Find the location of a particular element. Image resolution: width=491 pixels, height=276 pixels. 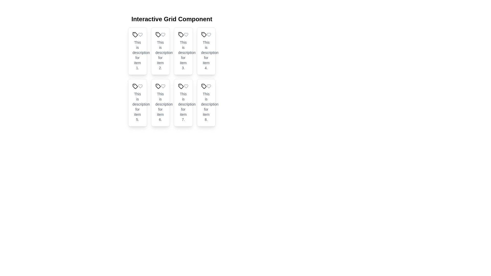

text content of the gray text block that says 'This is description for item 8.' located below the heart icon in the eighth tile is located at coordinates (206, 106).